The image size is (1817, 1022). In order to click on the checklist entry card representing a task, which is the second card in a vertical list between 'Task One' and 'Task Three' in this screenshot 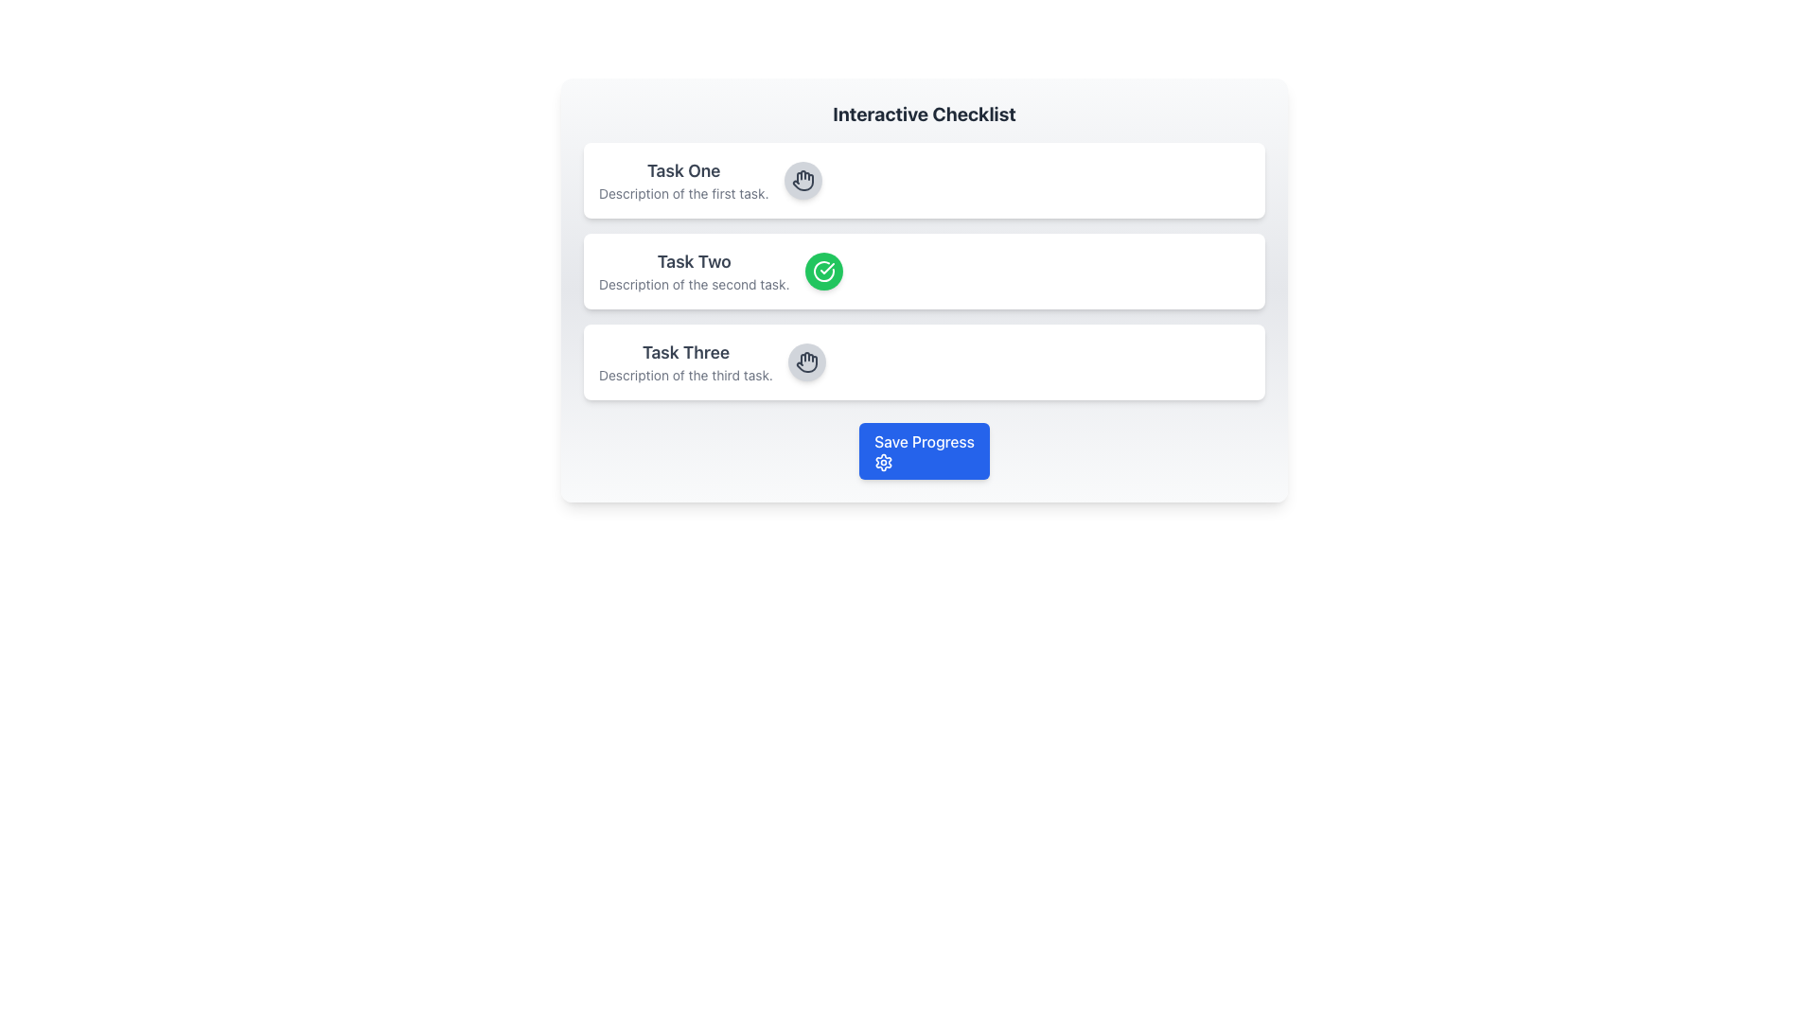, I will do `click(925, 271)`.